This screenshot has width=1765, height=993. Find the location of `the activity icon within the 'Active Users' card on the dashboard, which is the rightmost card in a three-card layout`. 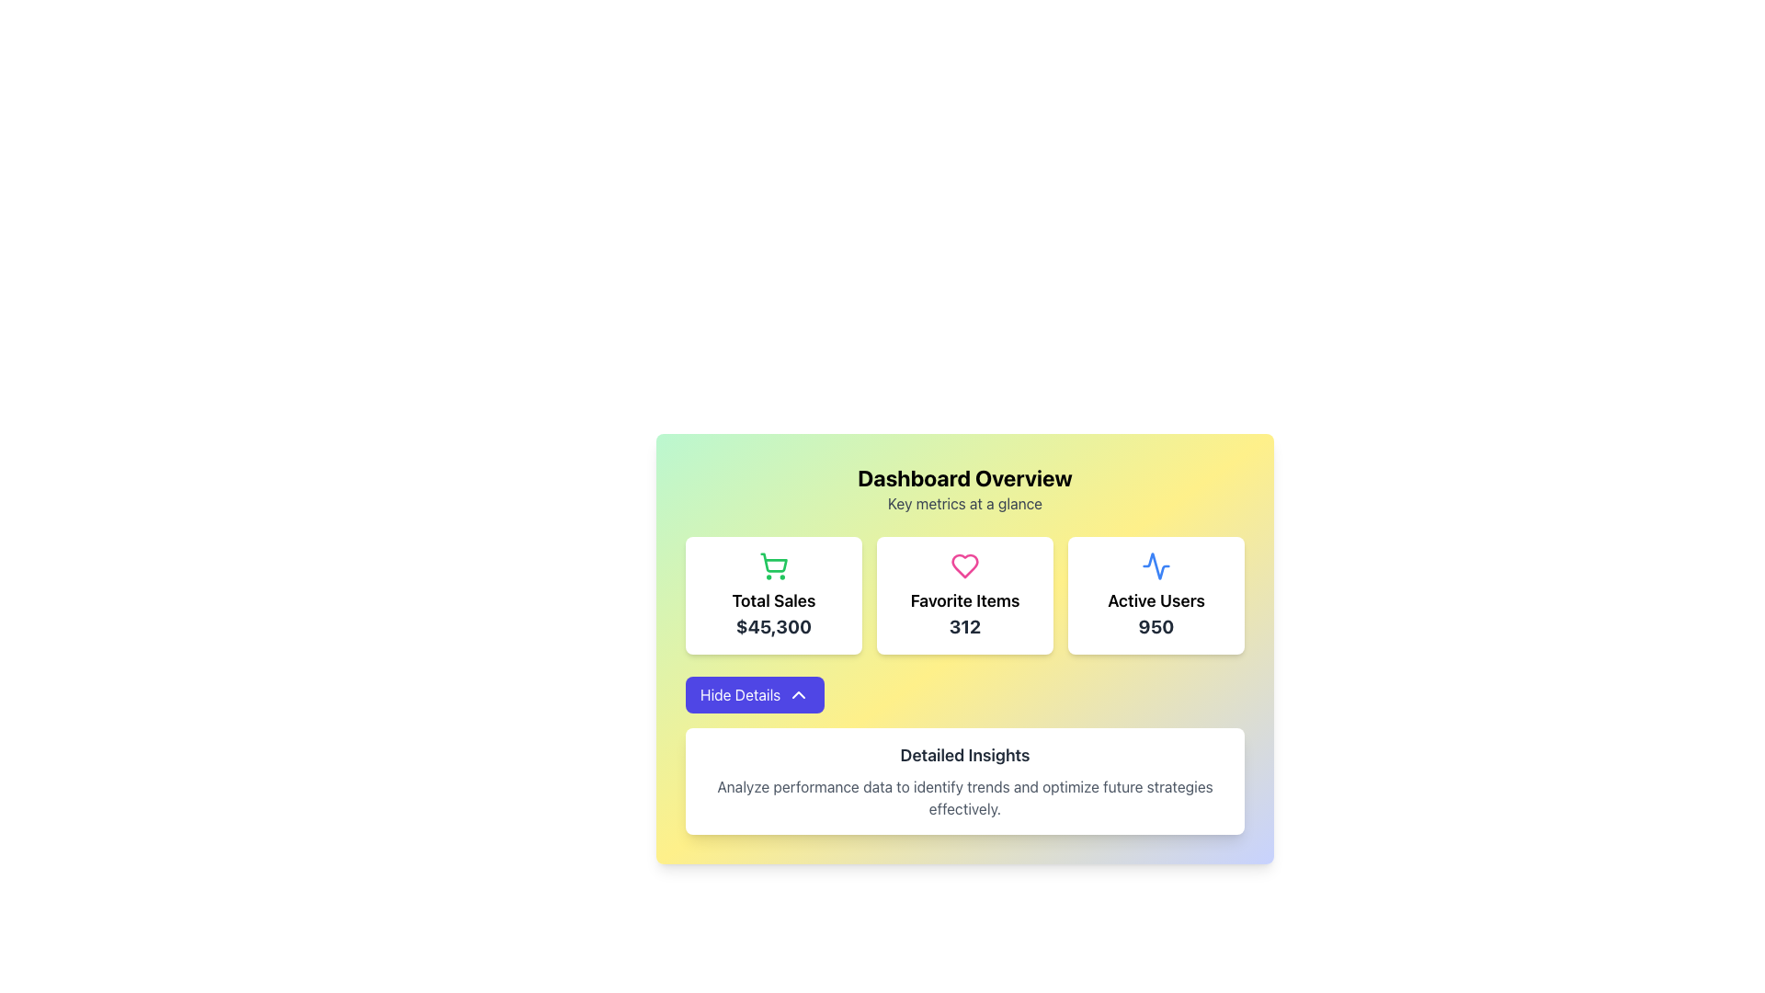

the activity icon within the 'Active Users' card on the dashboard, which is the rightmost card in a three-card layout is located at coordinates (1155, 565).